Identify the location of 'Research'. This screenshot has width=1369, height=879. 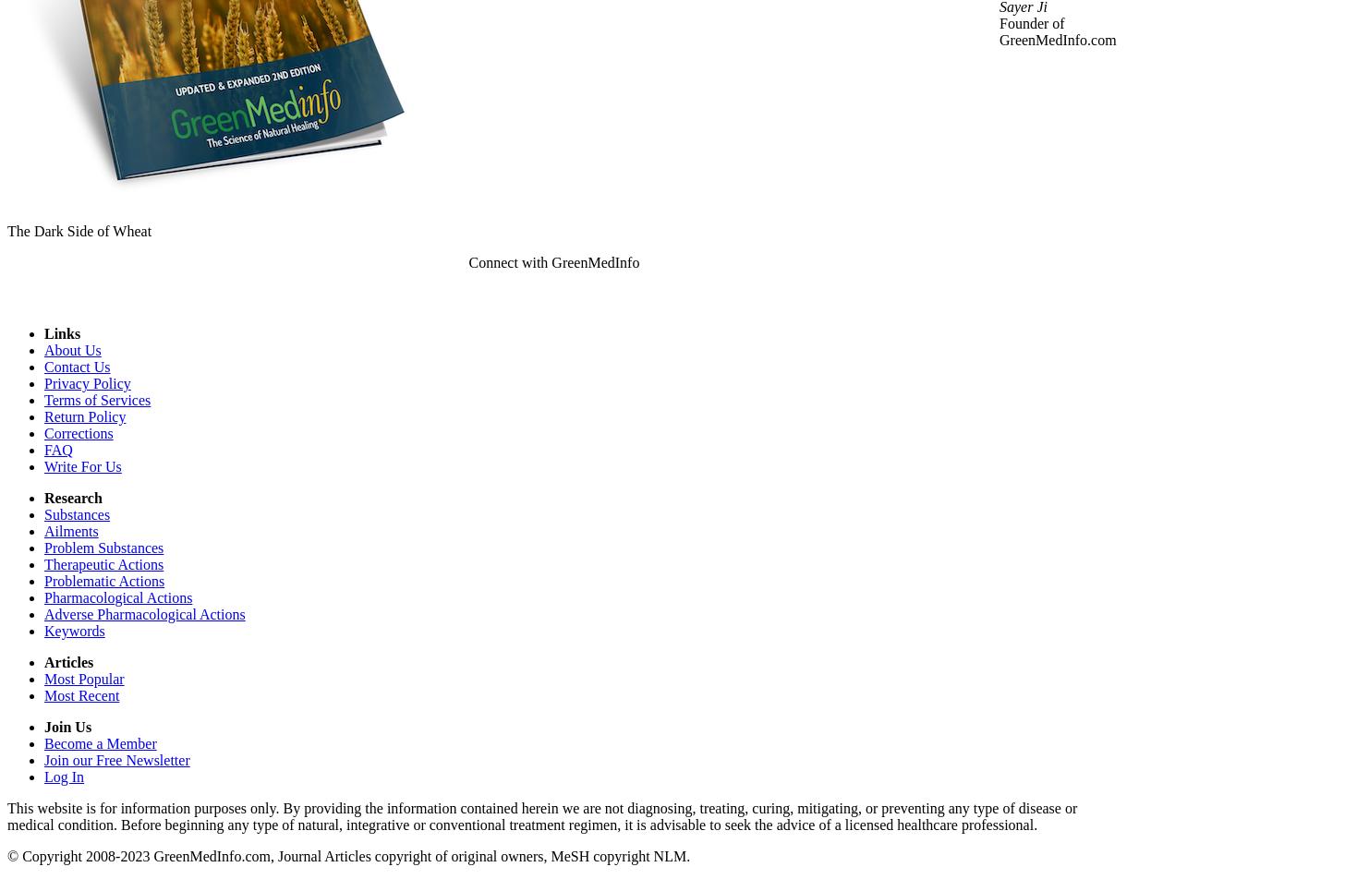
(72, 497).